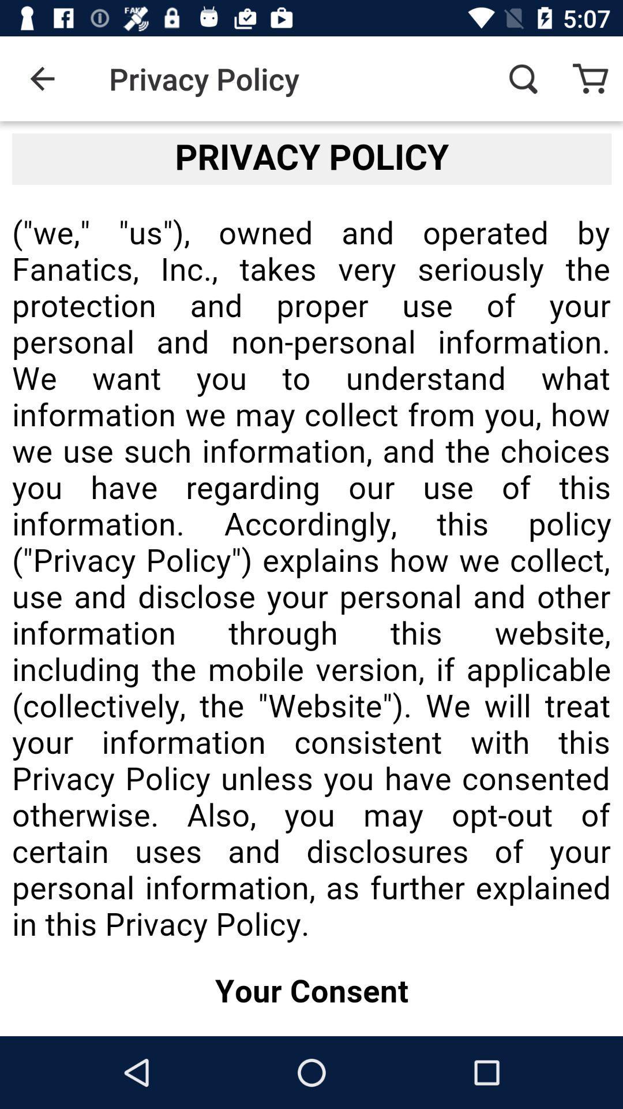 The width and height of the screenshot is (623, 1109). I want to click on the icon to the left of the privacy policy item, so click(42, 78).